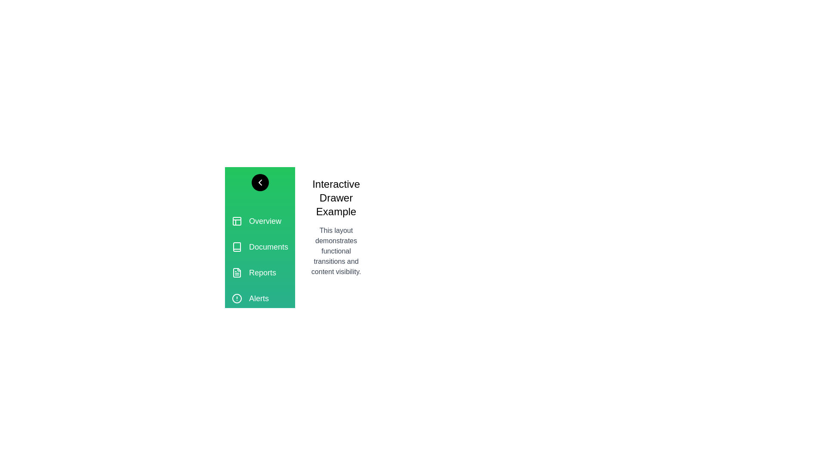 The image size is (826, 464). What do you see at coordinates (259, 273) in the screenshot?
I see `the section labeled Reports in the drawer` at bounding box center [259, 273].